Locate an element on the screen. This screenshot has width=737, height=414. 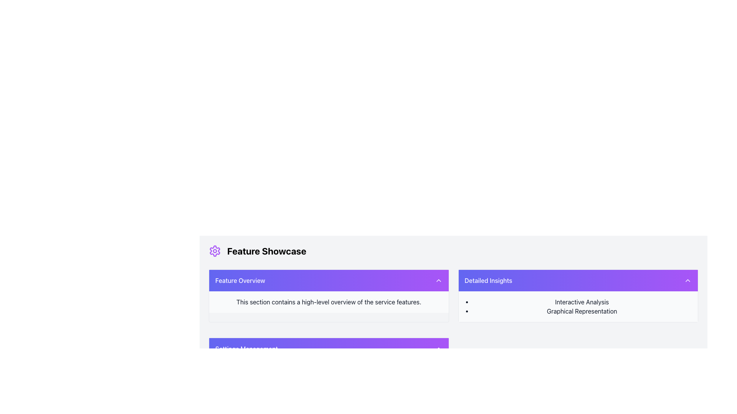
the Button or Toggle Header located under the 'Feature Showcase' section is located at coordinates (329, 349).